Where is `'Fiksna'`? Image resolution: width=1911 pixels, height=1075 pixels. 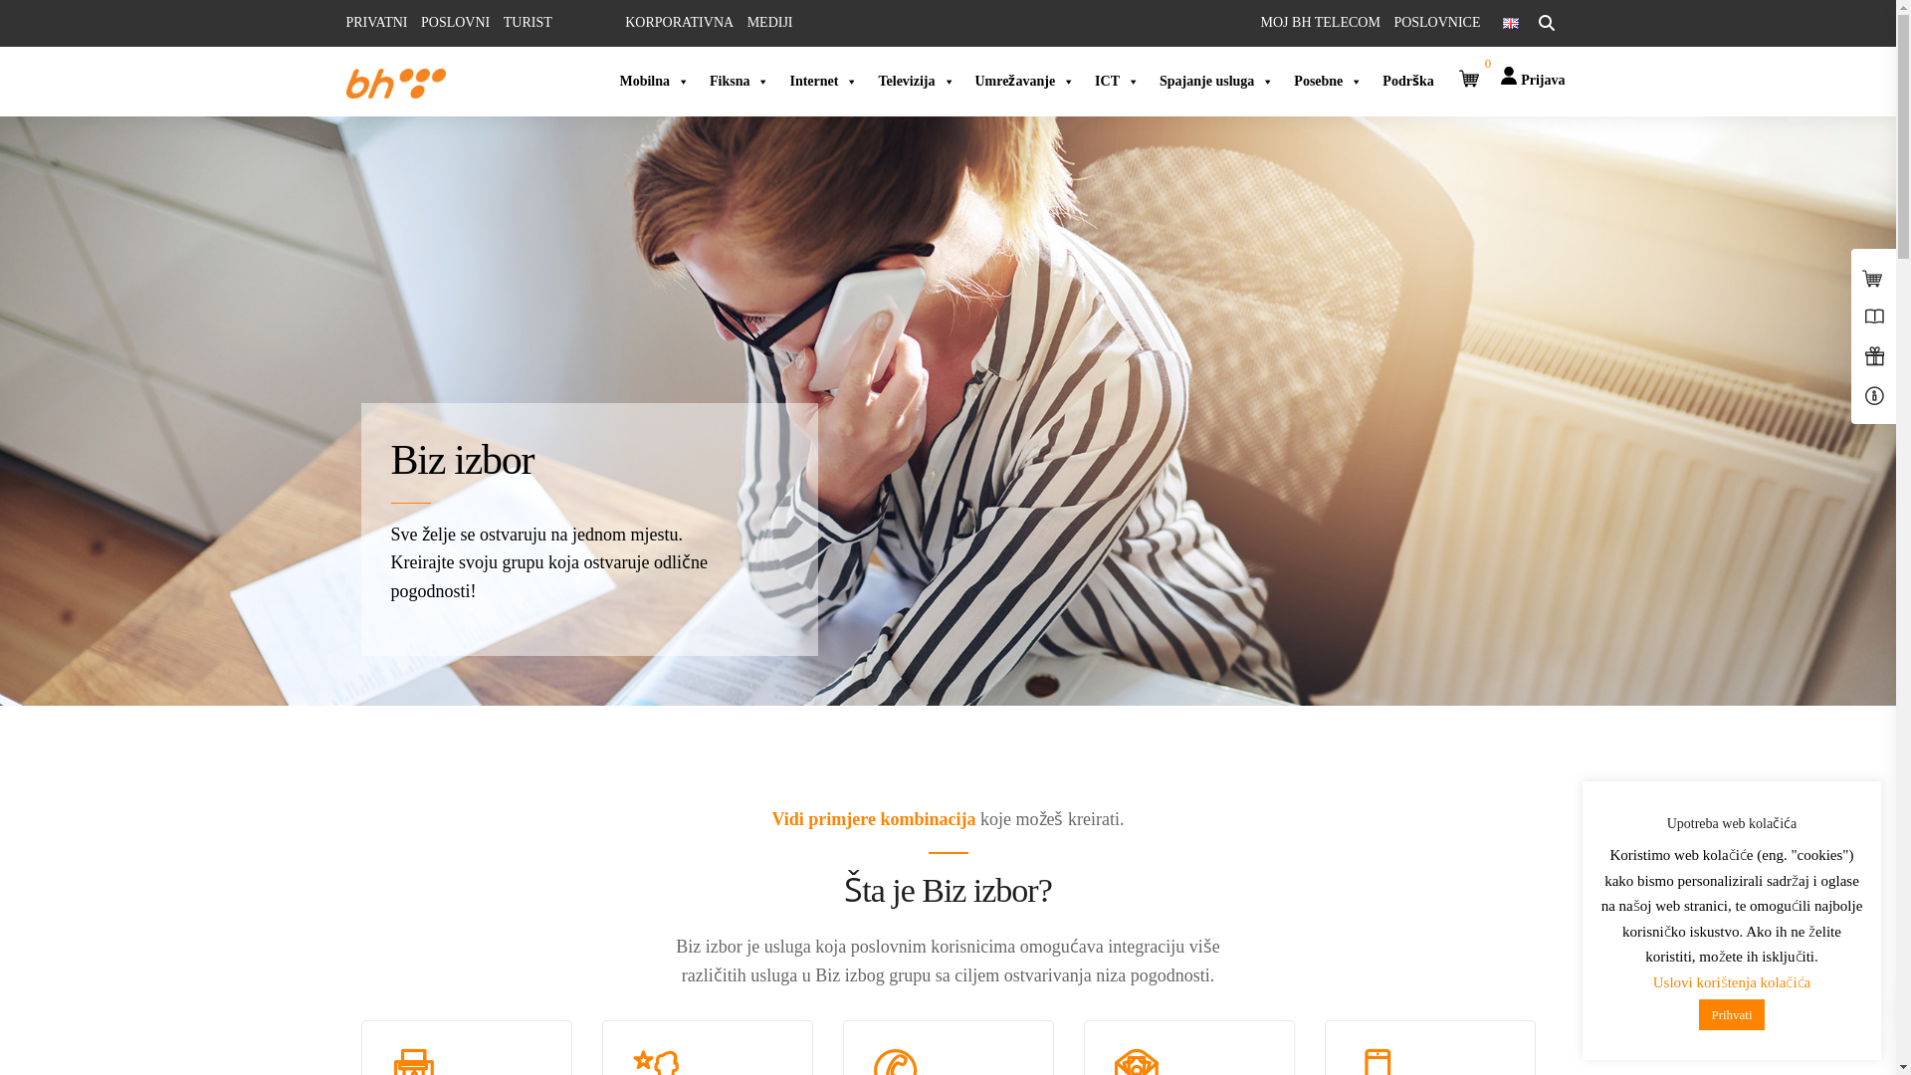 'Fiksna' is located at coordinates (739, 80).